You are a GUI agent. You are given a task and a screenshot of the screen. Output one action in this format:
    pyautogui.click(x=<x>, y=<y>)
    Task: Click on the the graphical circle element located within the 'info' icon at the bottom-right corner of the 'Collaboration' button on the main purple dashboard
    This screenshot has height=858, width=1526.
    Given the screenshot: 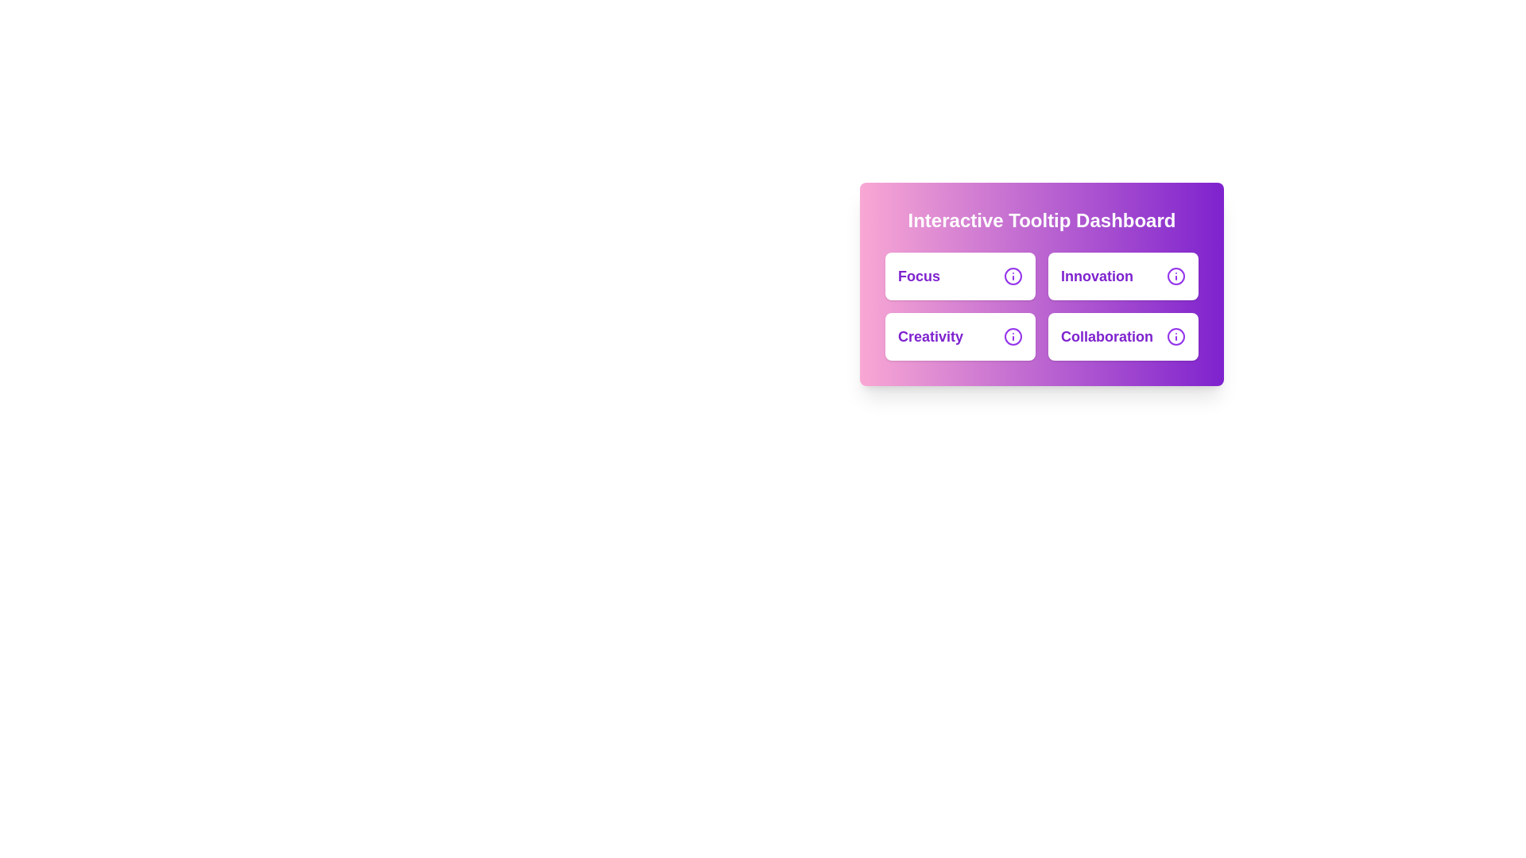 What is the action you would take?
    pyautogui.click(x=1175, y=336)
    